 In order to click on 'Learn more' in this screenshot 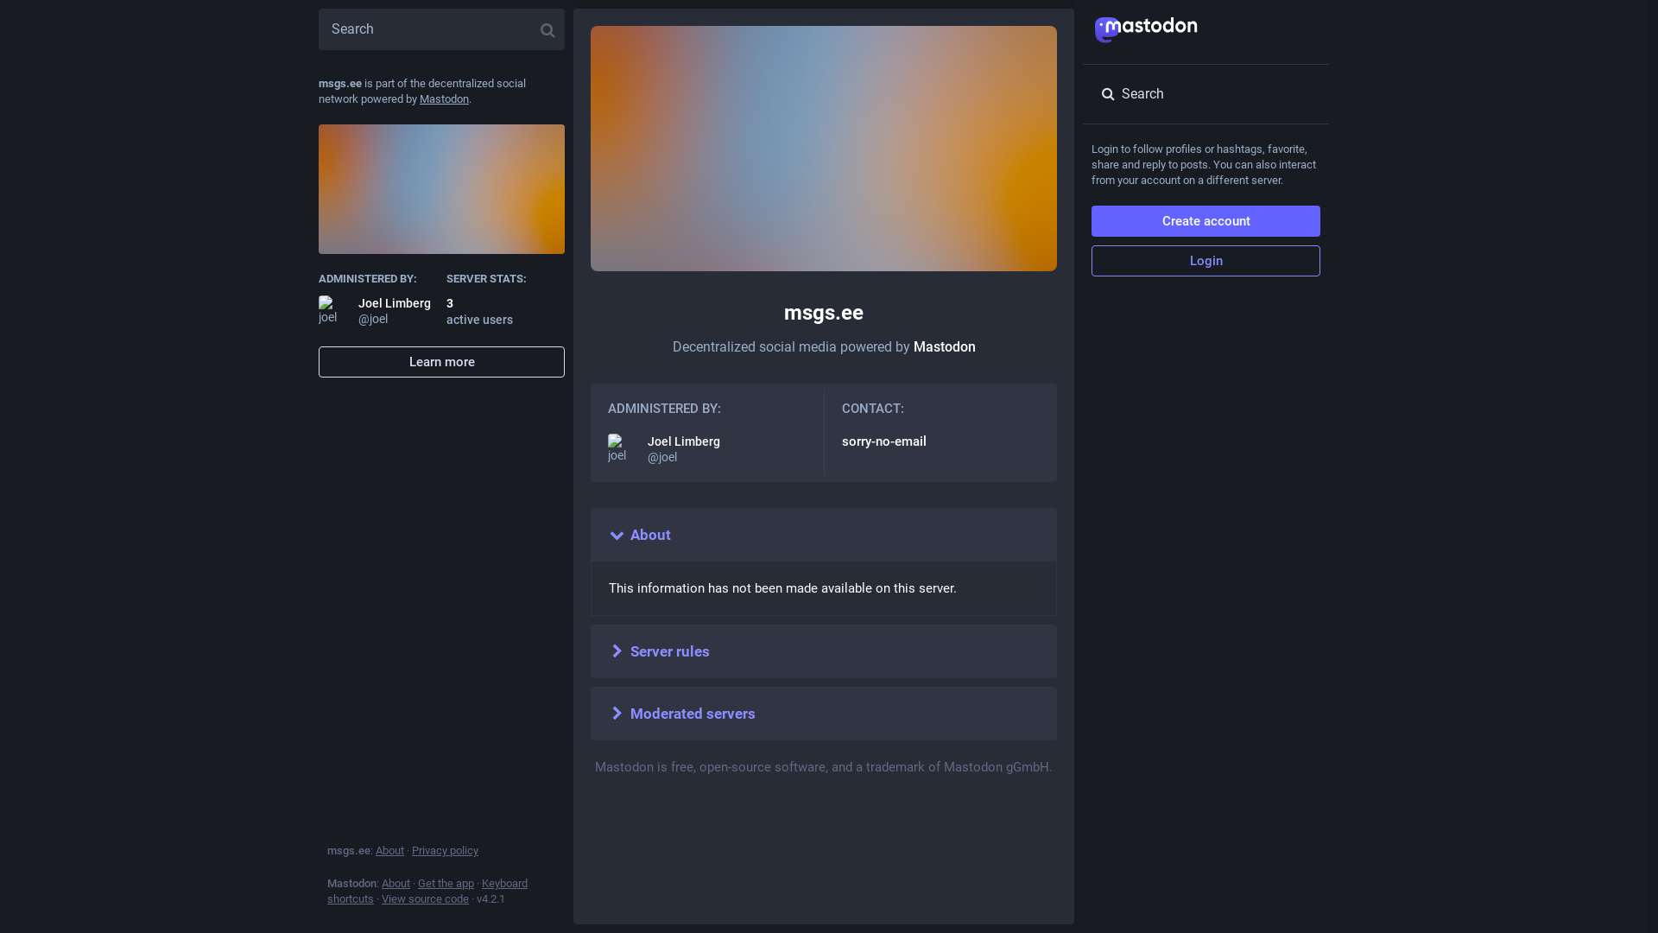, I will do `click(441, 361)`.